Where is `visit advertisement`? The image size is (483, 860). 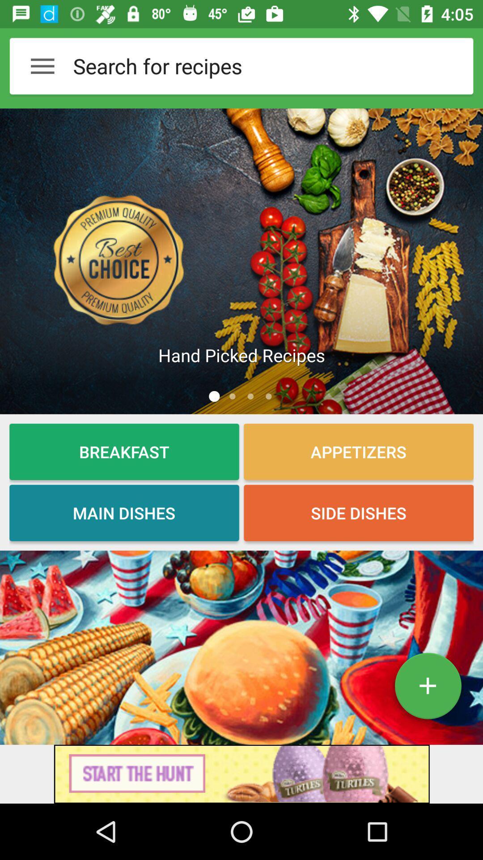
visit advertisement is located at coordinates (241, 774).